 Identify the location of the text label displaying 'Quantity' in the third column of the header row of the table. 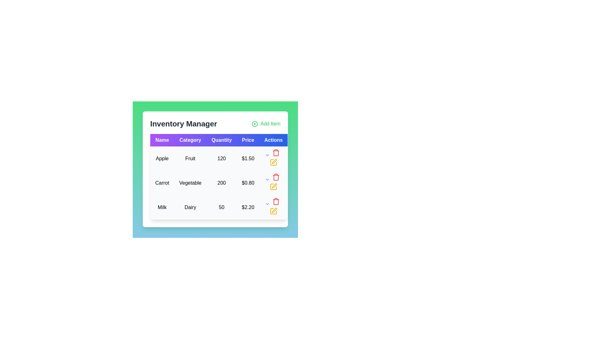
(222, 140).